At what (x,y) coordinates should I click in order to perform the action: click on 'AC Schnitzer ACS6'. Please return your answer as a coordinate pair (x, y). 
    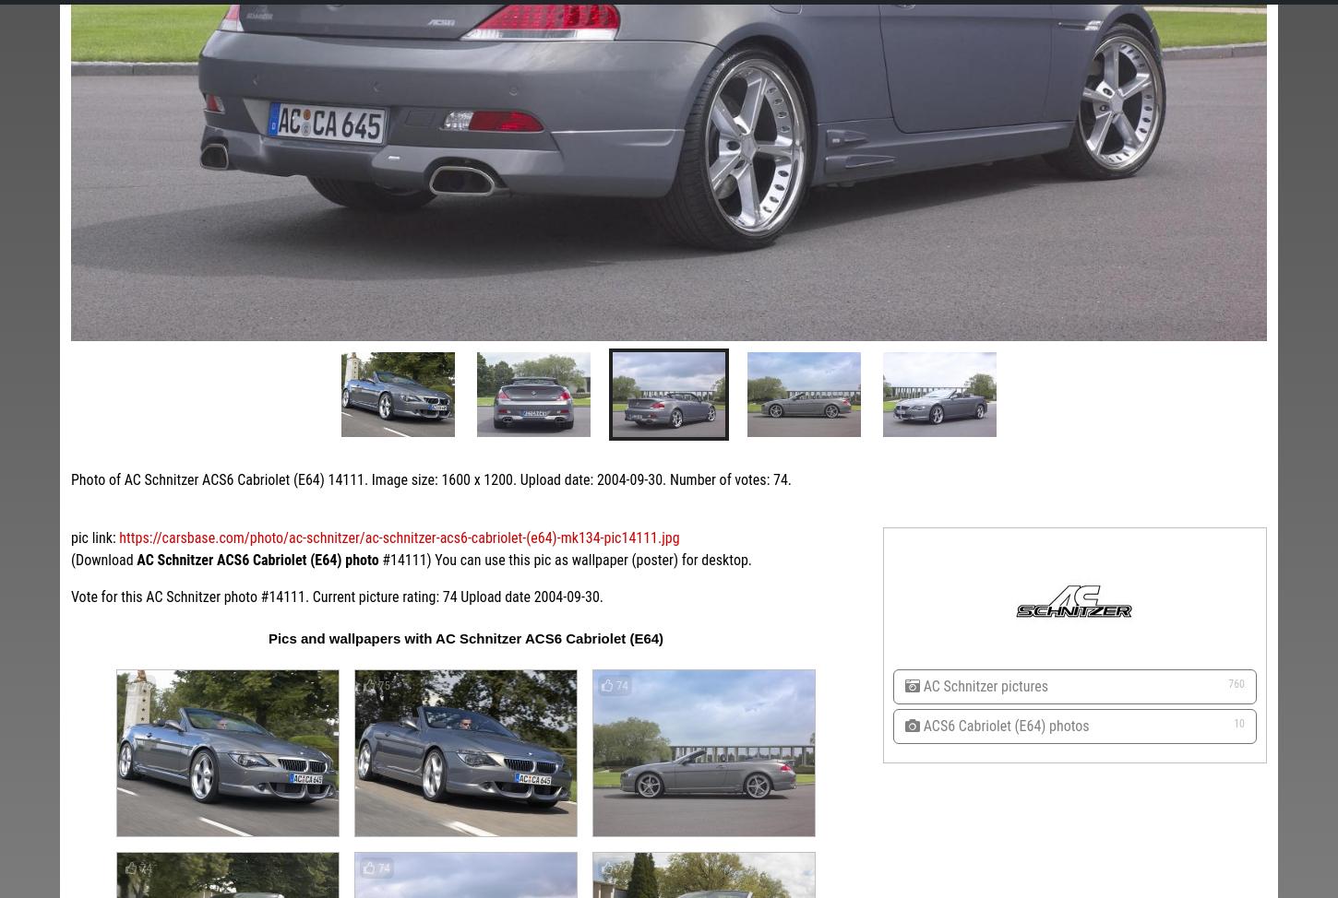
    Looking at the image, I should click on (720, 596).